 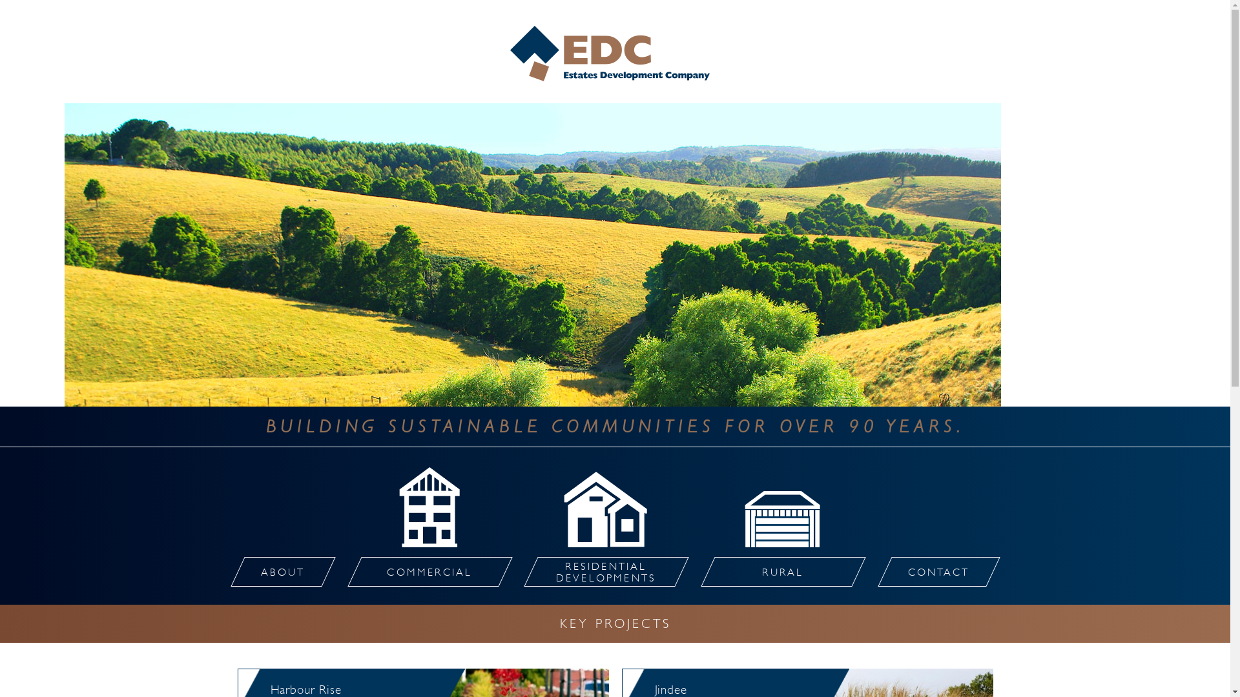 I want to click on 'ABOUT', so click(x=275, y=571).